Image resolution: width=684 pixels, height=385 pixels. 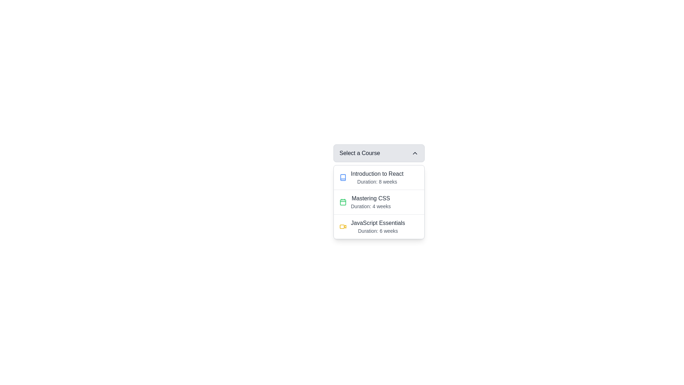 What do you see at coordinates (359, 153) in the screenshot?
I see `the static text label inside the dropdown menu button that indicates the current state or selection` at bounding box center [359, 153].